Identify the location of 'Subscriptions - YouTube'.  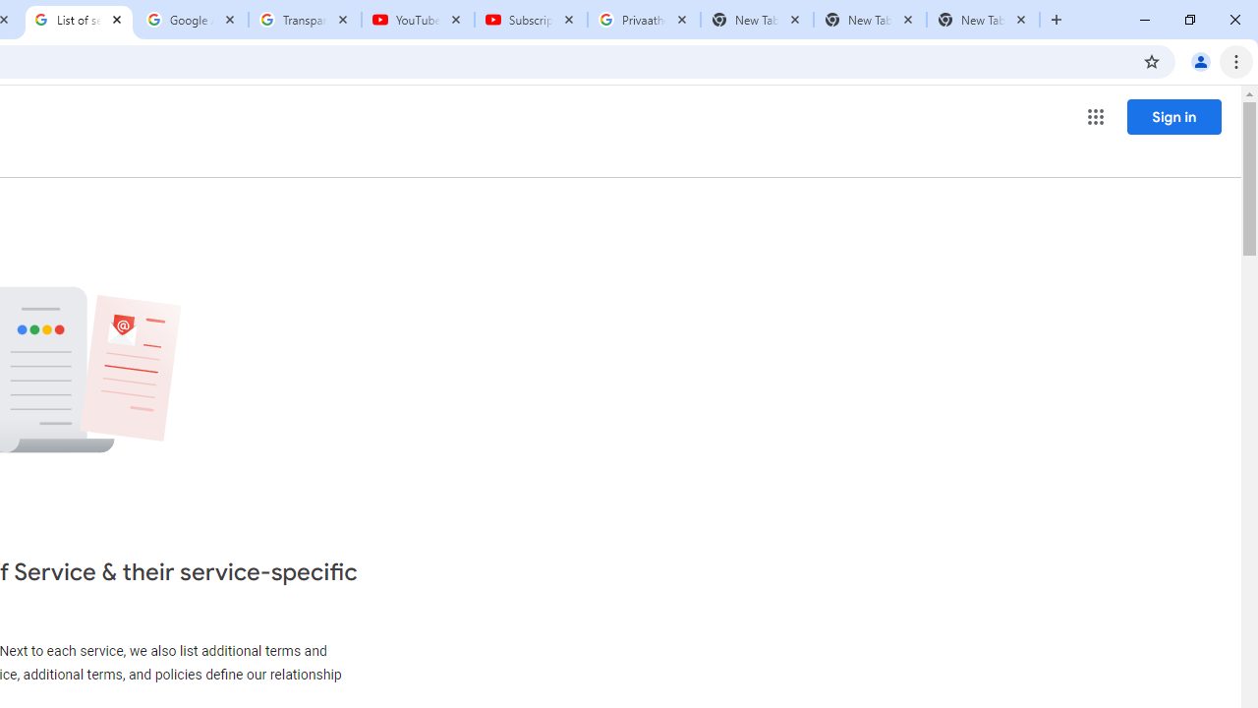
(531, 20).